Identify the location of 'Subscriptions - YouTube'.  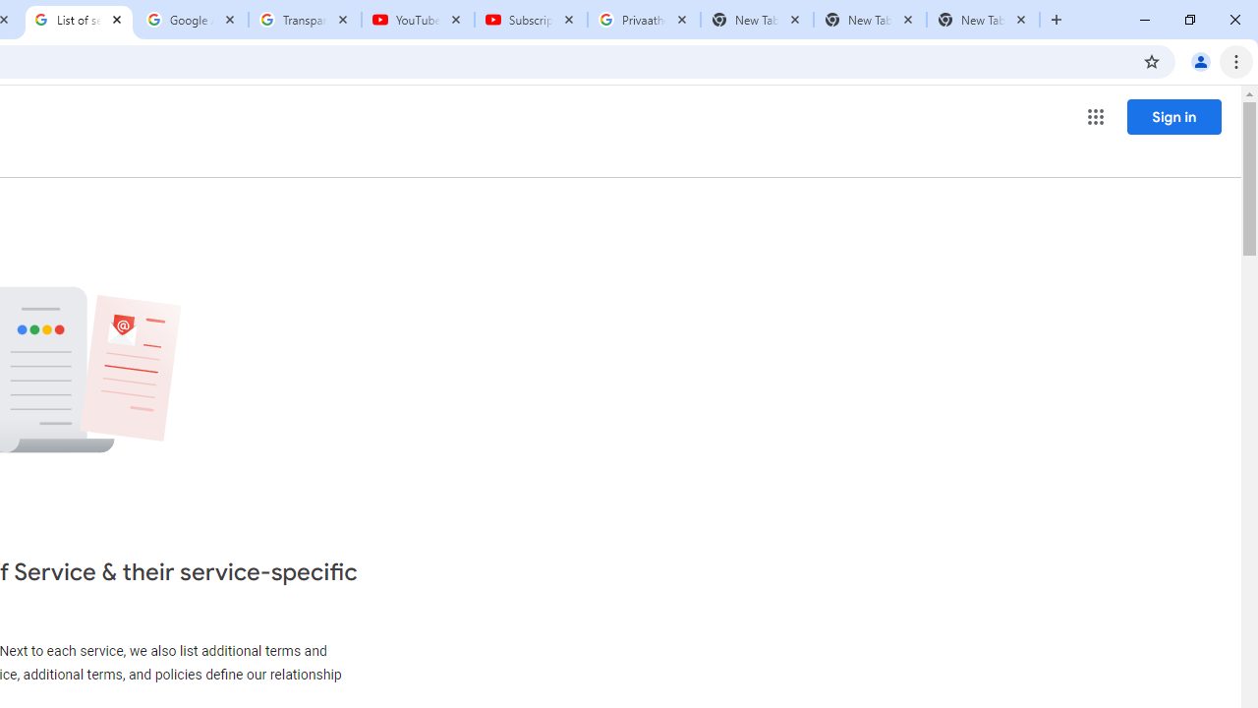
(531, 20).